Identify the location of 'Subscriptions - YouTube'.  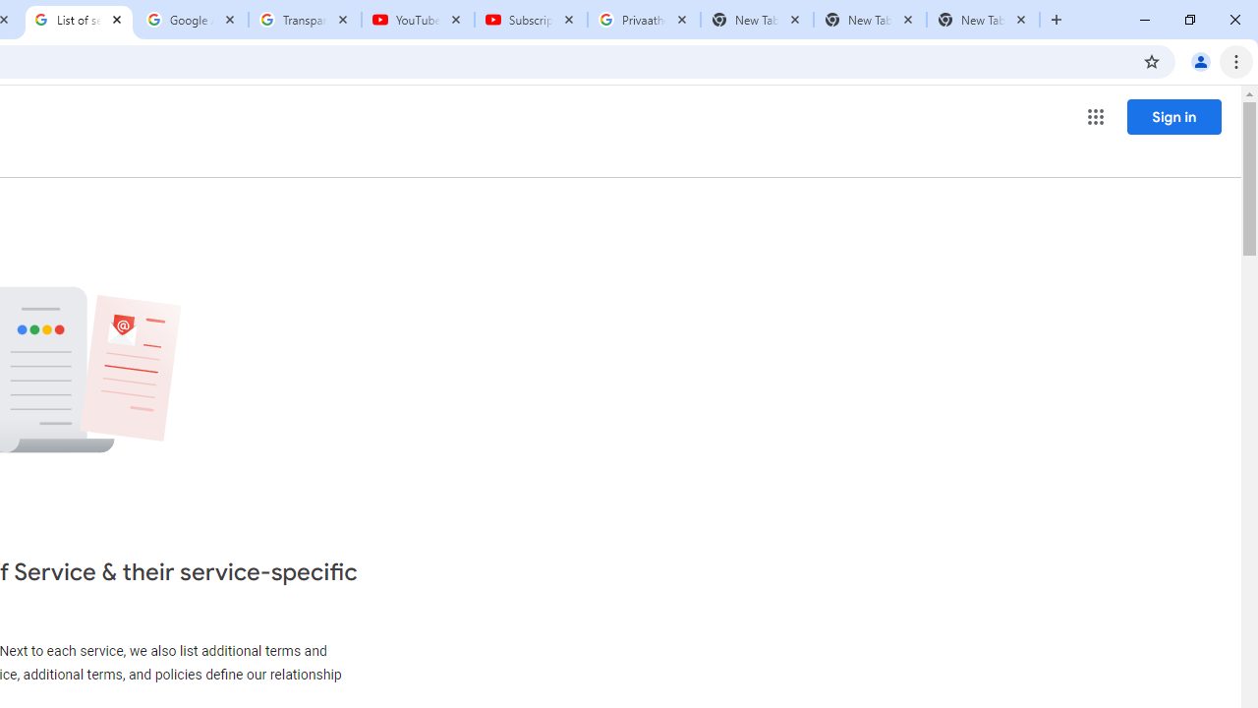
(531, 20).